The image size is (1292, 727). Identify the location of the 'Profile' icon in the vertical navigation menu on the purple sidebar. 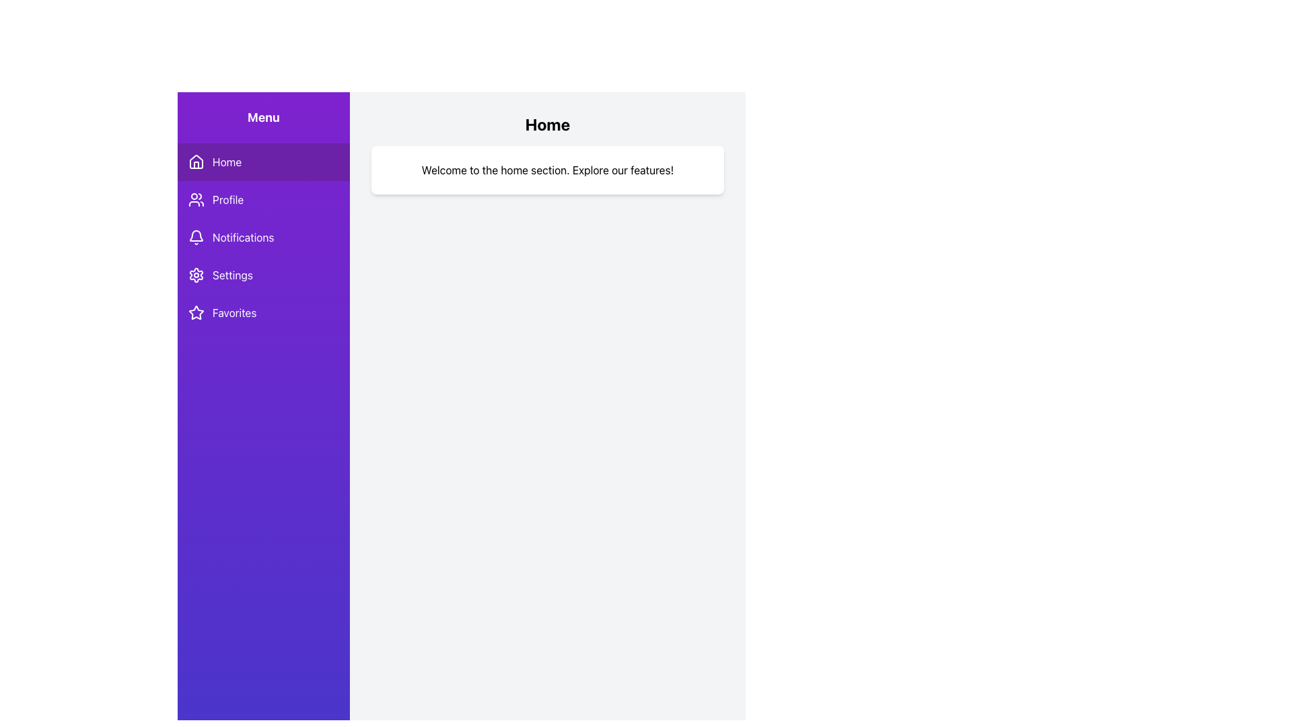
(196, 200).